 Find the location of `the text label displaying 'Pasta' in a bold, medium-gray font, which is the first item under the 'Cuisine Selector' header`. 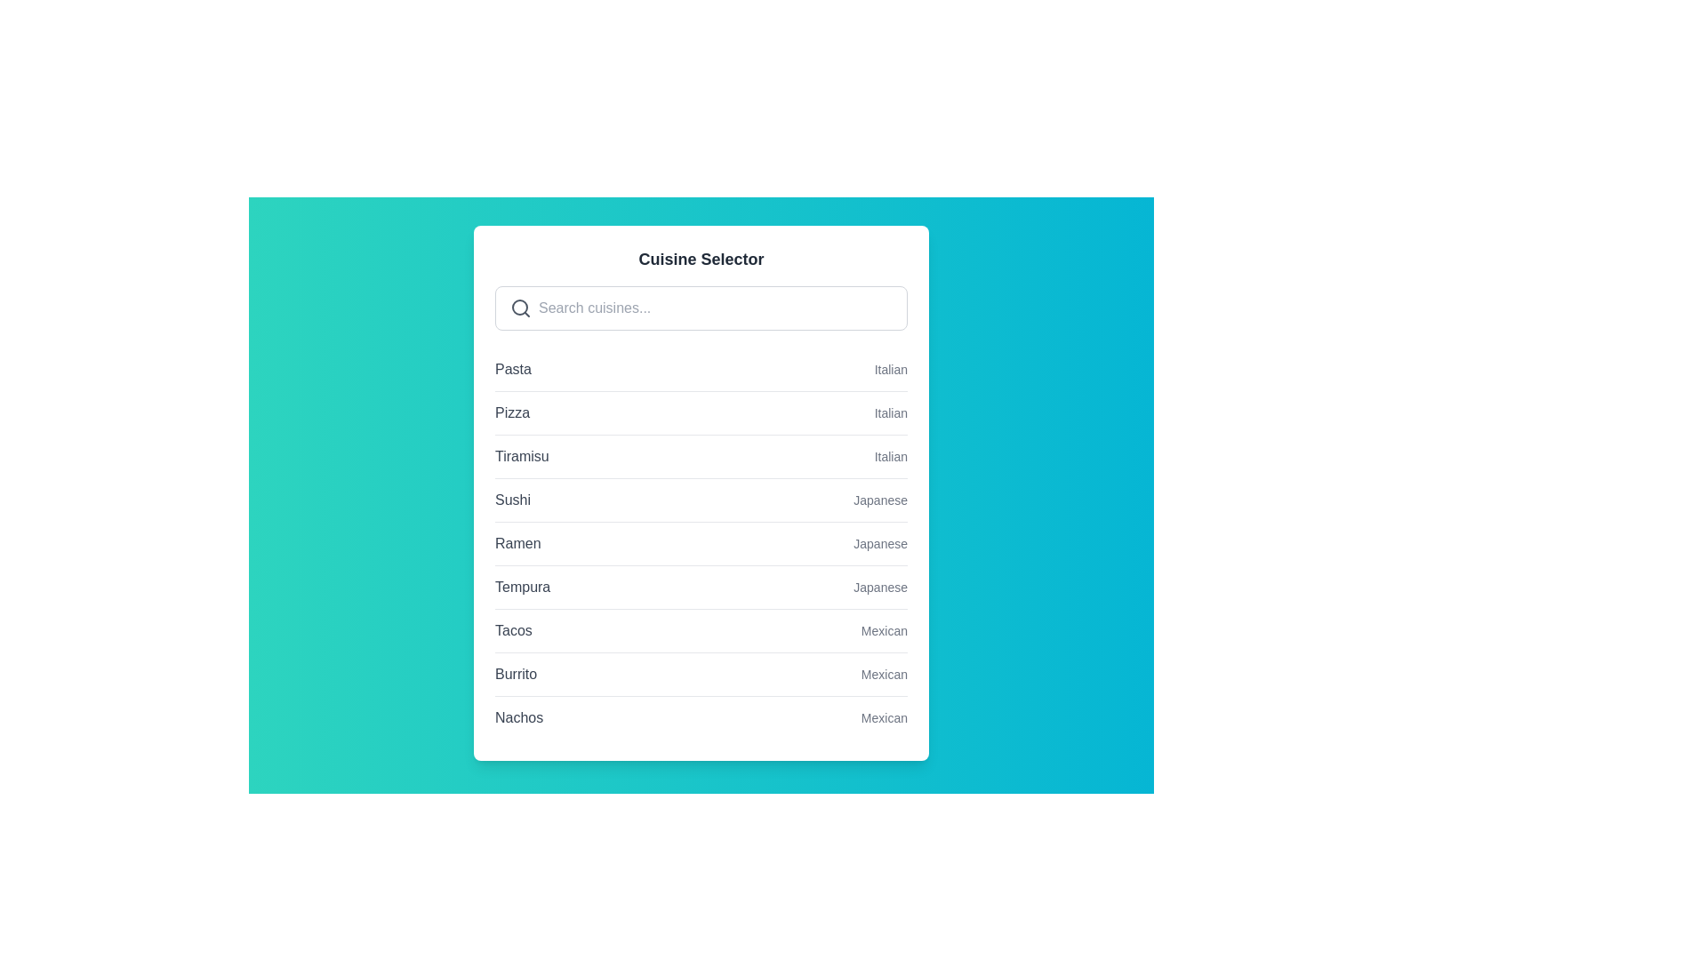

the text label displaying 'Pasta' in a bold, medium-gray font, which is the first item under the 'Cuisine Selector' header is located at coordinates (512, 369).